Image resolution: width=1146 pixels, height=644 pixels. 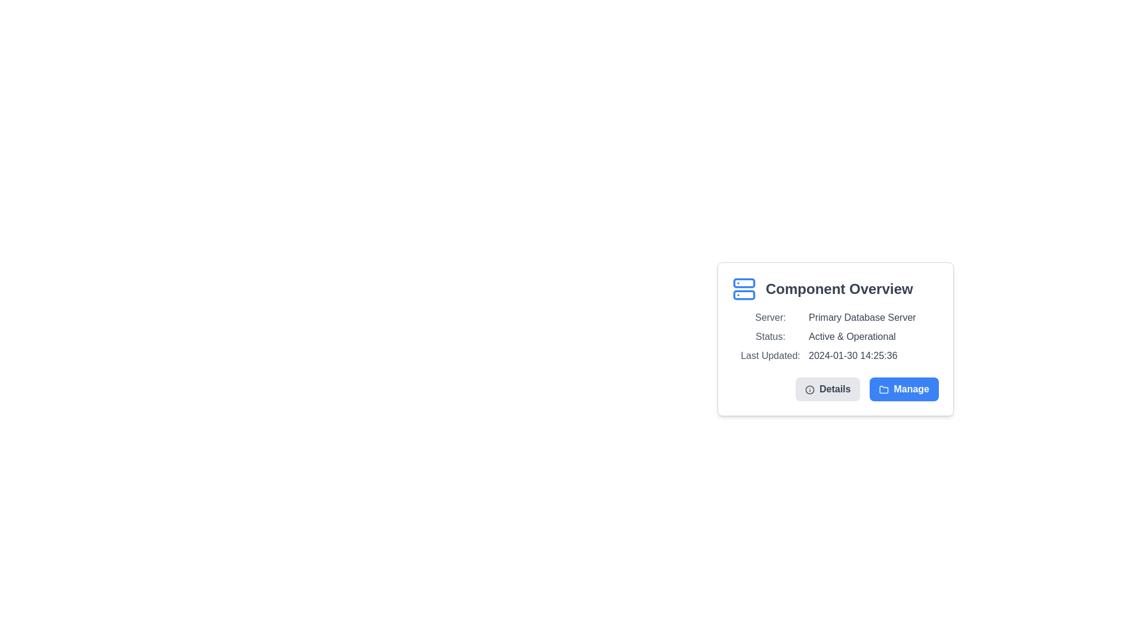 I want to click on the text field displaying information about the server, which is the first row of text in the card layout, positioned above the 'Status' row and below 'Component Overview', so click(x=835, y=317).